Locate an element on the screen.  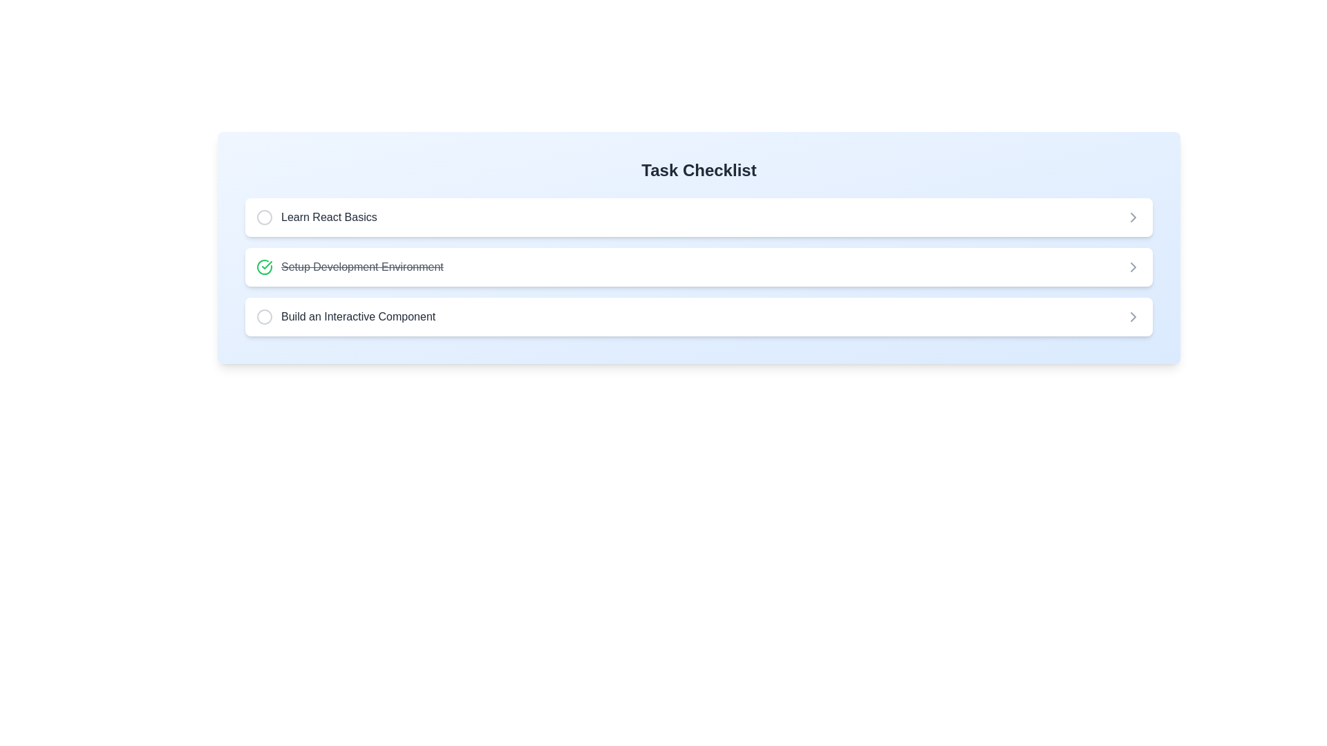
the Chevron icon located at the far right side of the 'Setup Development Environment' panel to present the tooltip is located at coordinates (1133, 267).